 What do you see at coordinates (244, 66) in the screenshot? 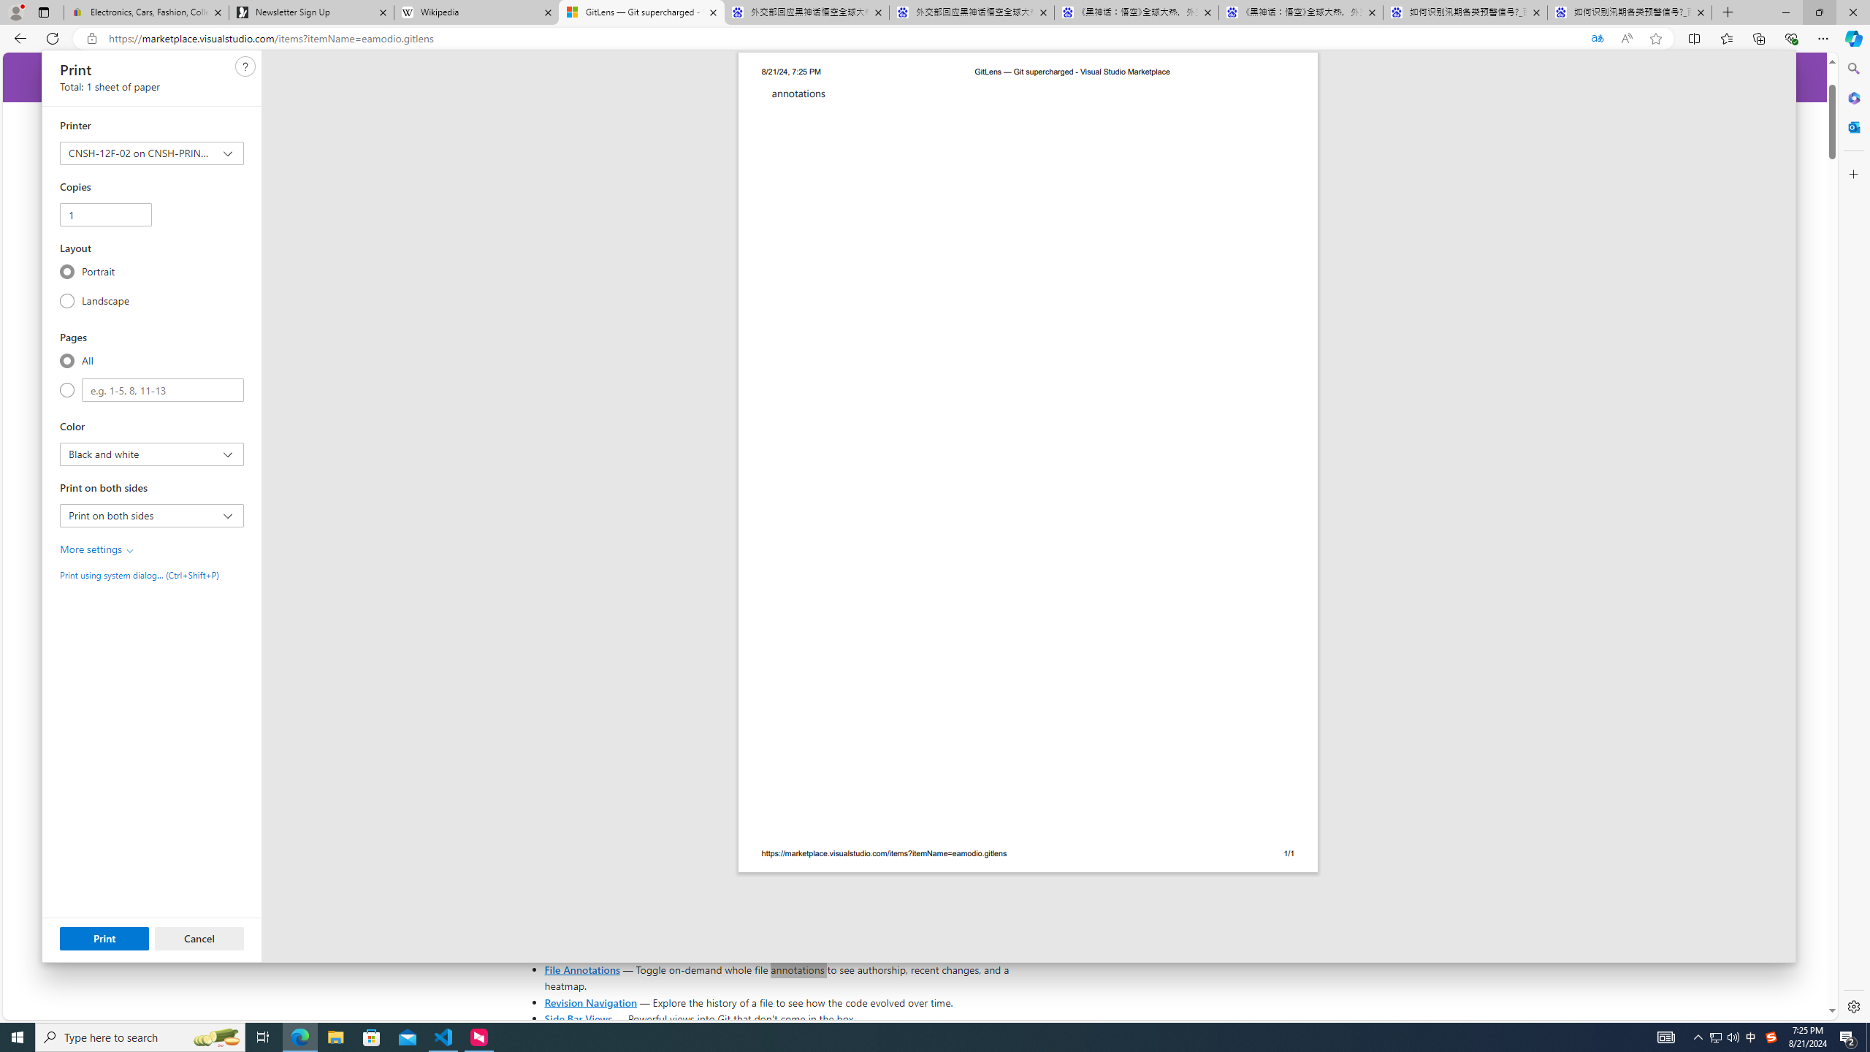
I see `'Class: c0129'` at bounding box center [244, 66].